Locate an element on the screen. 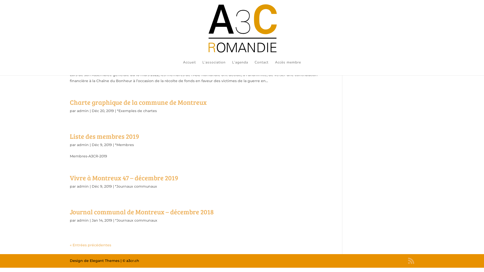 Image resolution: width=484 pixels, height=272 pixels. 'admin' is located at coordinates (83, 220).